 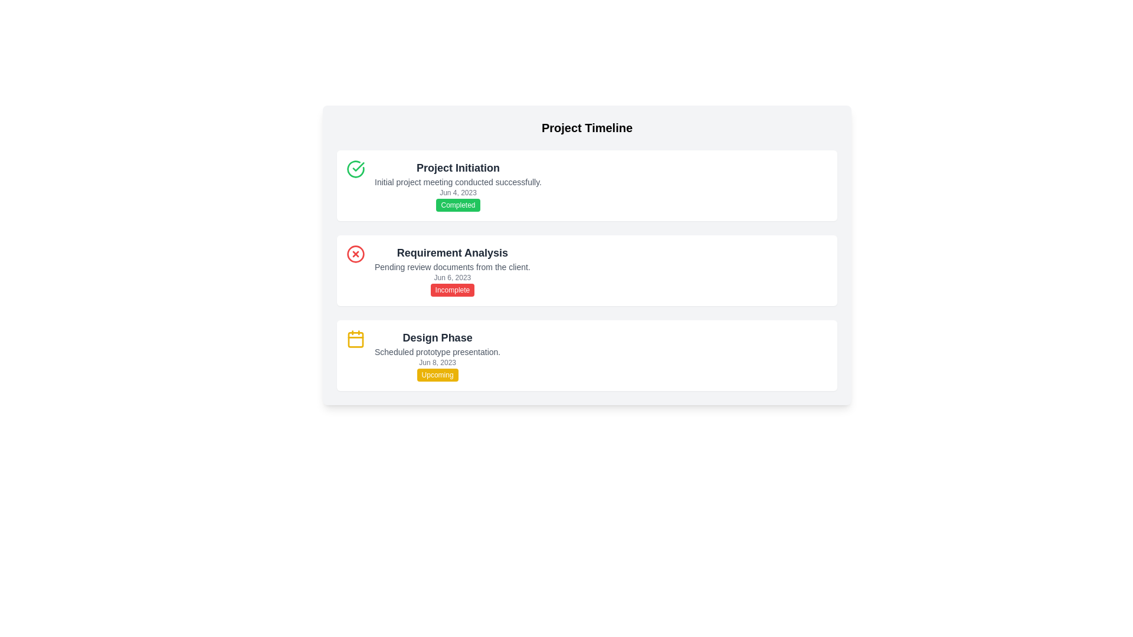 What do you see at coordinates (355, 169) in the screenshot?
I see `the completion status icon located to the left of the header text 'Project Initiation' within the 'Project Initiation' card` at bounding box center [355, 169].